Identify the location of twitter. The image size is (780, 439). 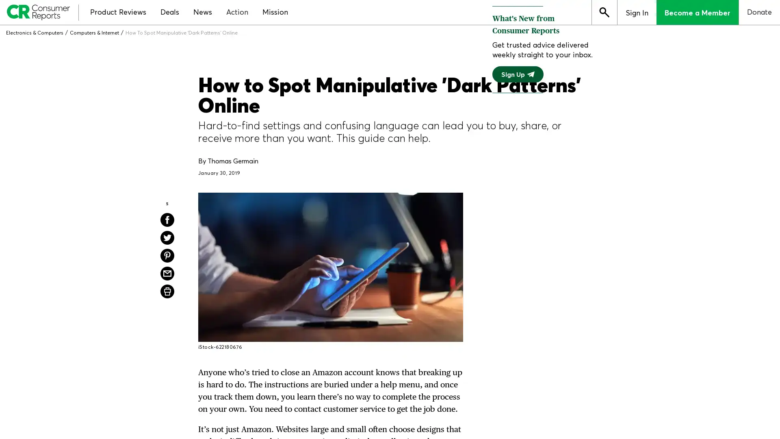
(167, 238).